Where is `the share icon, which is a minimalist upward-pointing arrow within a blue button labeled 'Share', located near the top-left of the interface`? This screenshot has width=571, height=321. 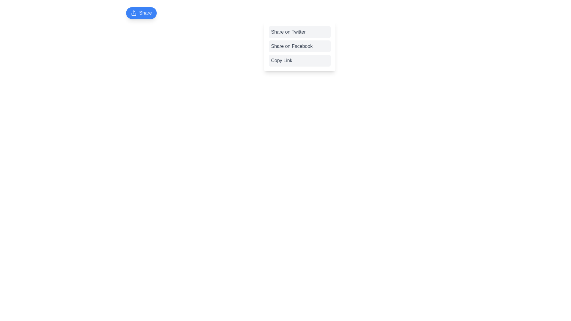 the share icon, which is a minimalist upward-pointing arrow within a blue button labeled 'Share', located near the top-left of the interface is located at coordinates (134, 13).